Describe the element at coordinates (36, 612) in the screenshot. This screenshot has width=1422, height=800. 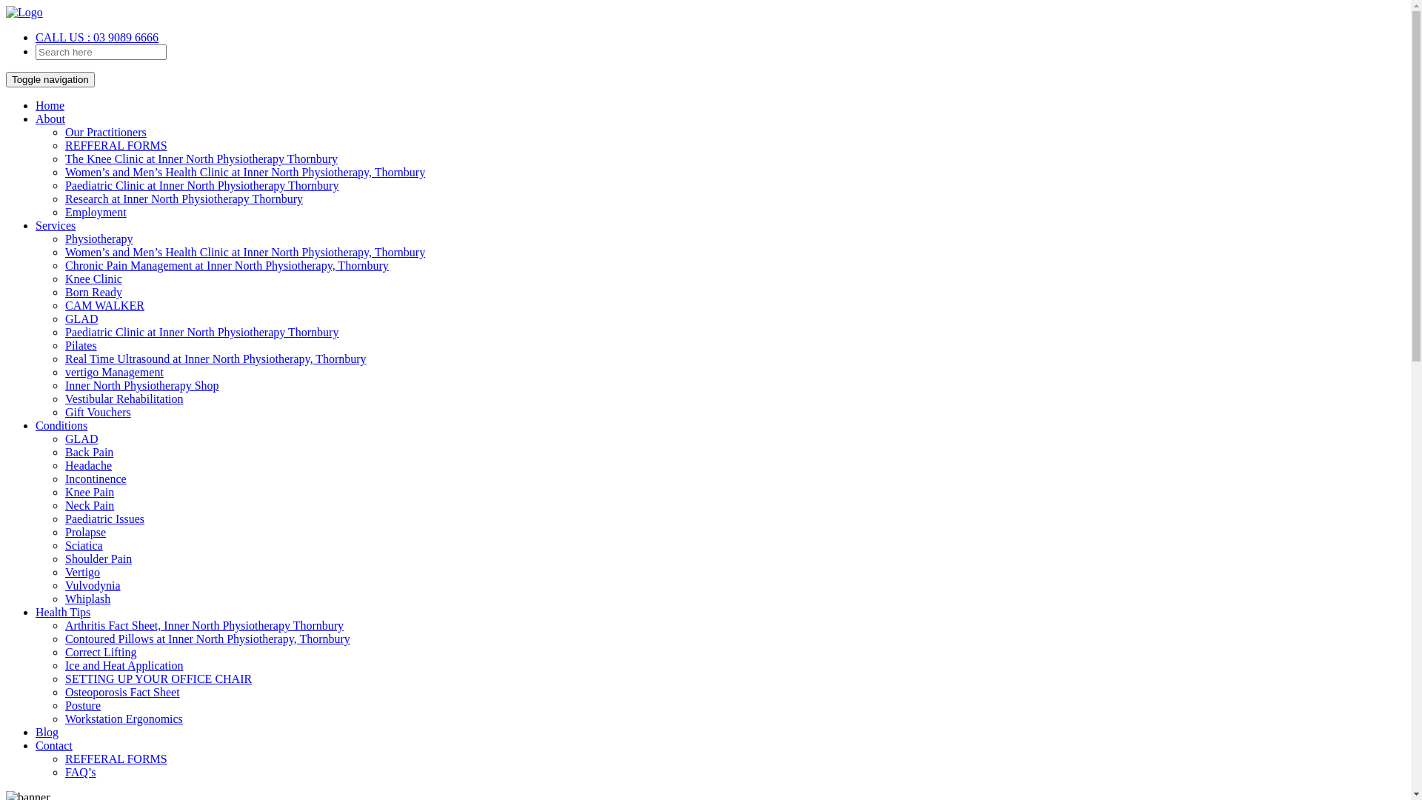
I see `'Health Tips'` at that location.